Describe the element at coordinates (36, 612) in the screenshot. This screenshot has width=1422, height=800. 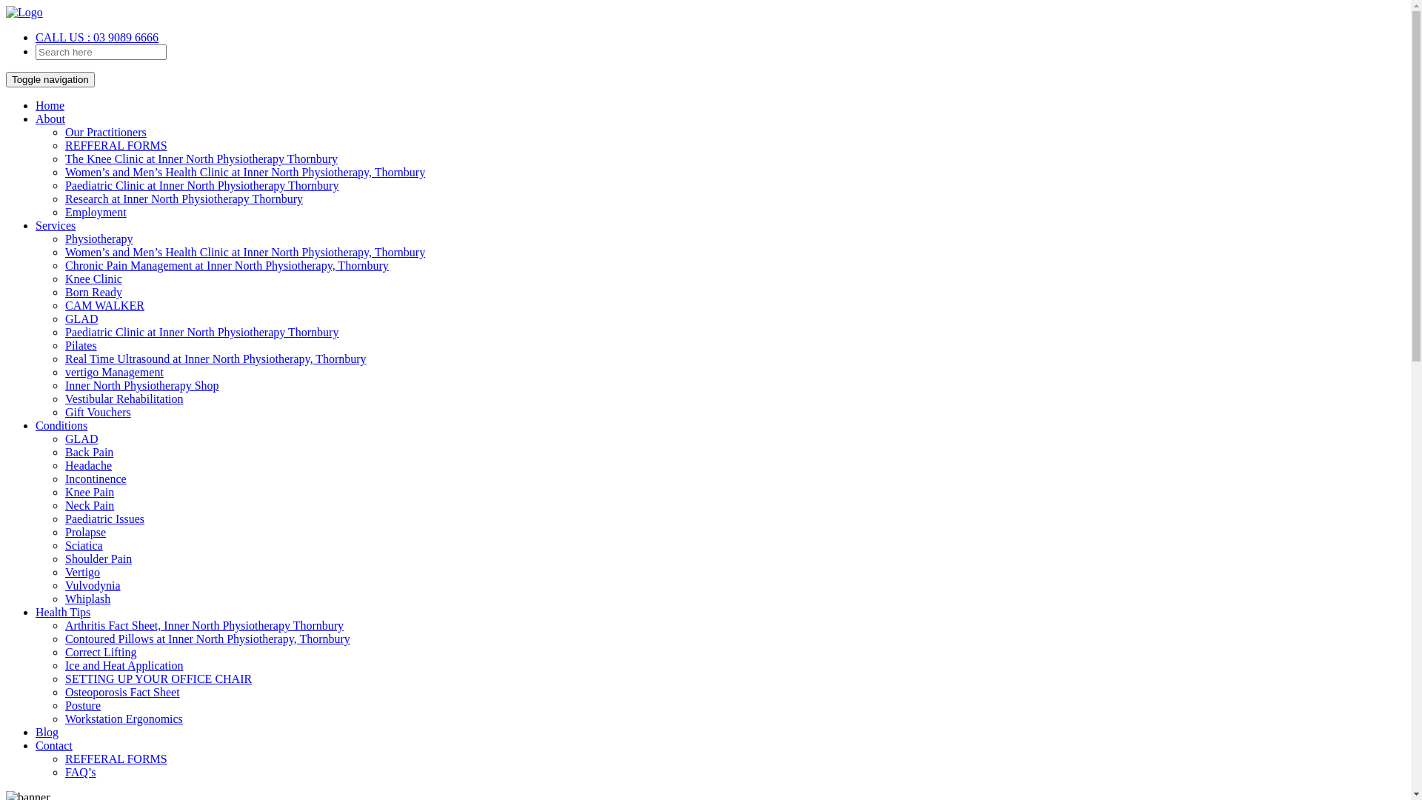
I see `'Health Tips'` at that location.